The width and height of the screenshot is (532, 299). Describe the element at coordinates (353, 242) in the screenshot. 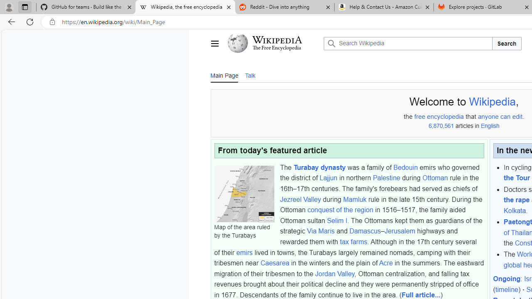

I see `'tax farms'` at that location.